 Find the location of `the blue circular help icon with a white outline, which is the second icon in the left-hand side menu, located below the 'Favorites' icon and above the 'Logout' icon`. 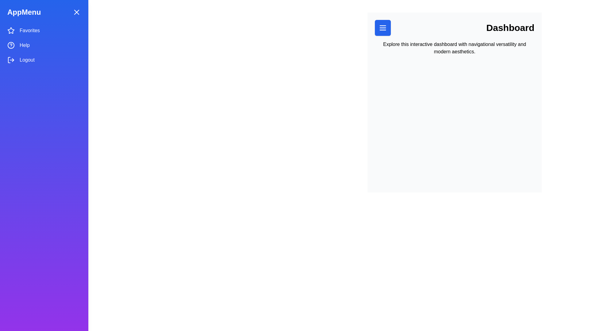

the blue circular help icon with a white outline, which is the second icon in the left-hand side menu, located below the 'Favorites' icon and above the 'Logout' icon is located at coordinates (11, 45).